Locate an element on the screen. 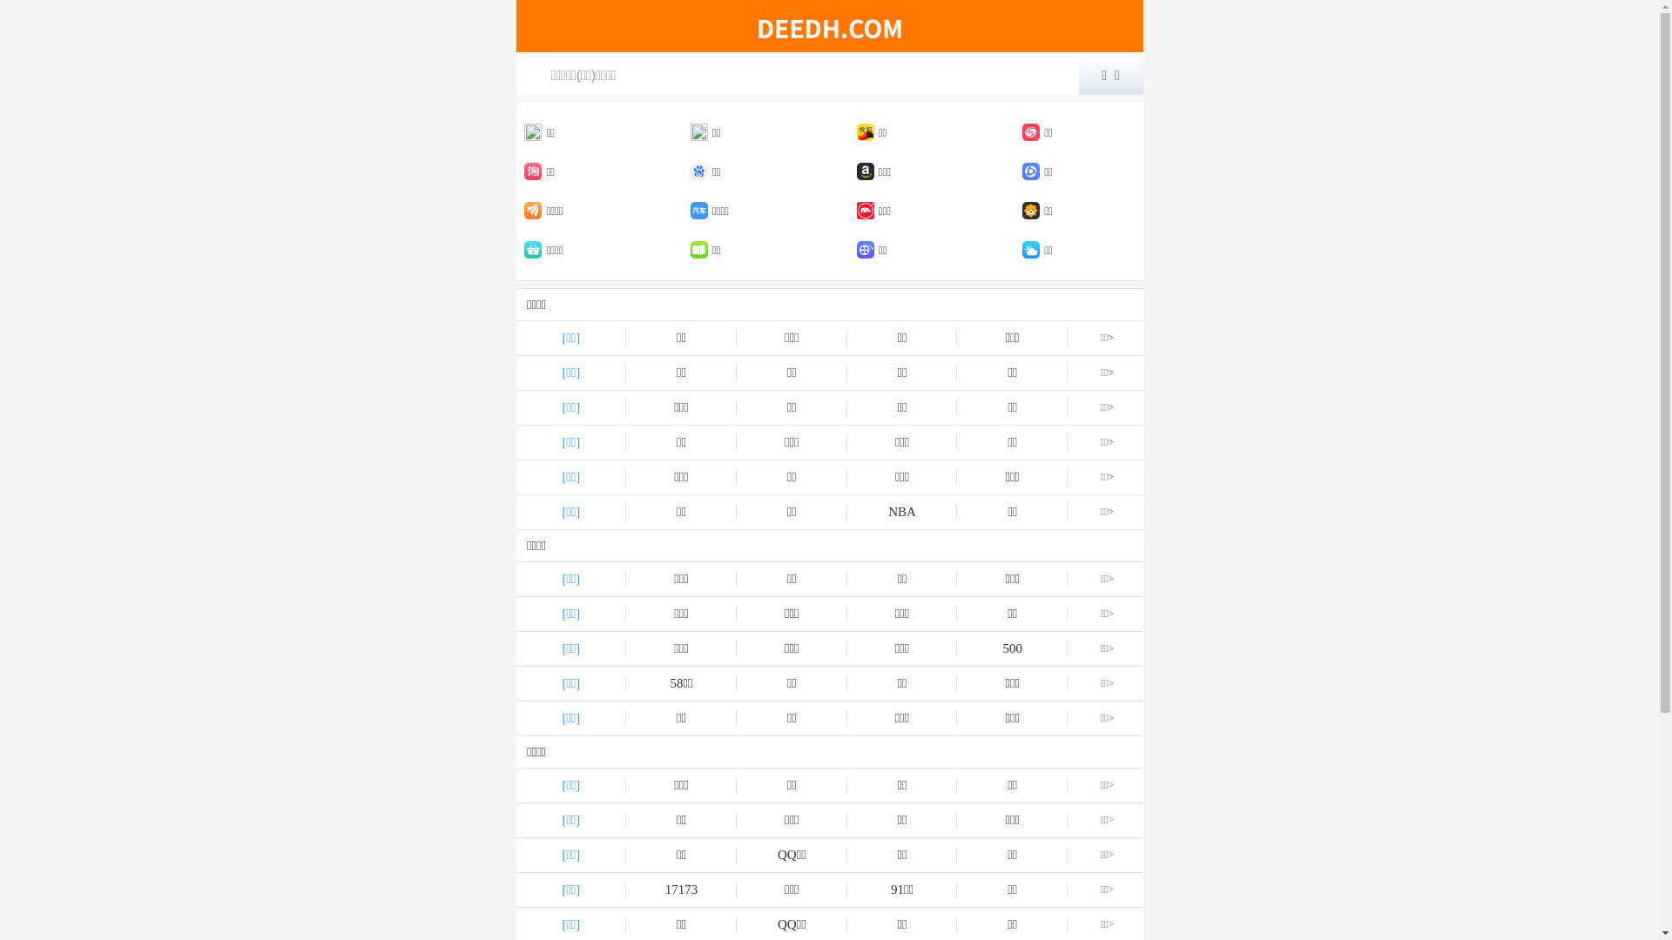 The image size is (1672, 940). 'NBA' is located at coordinates (847, 511).